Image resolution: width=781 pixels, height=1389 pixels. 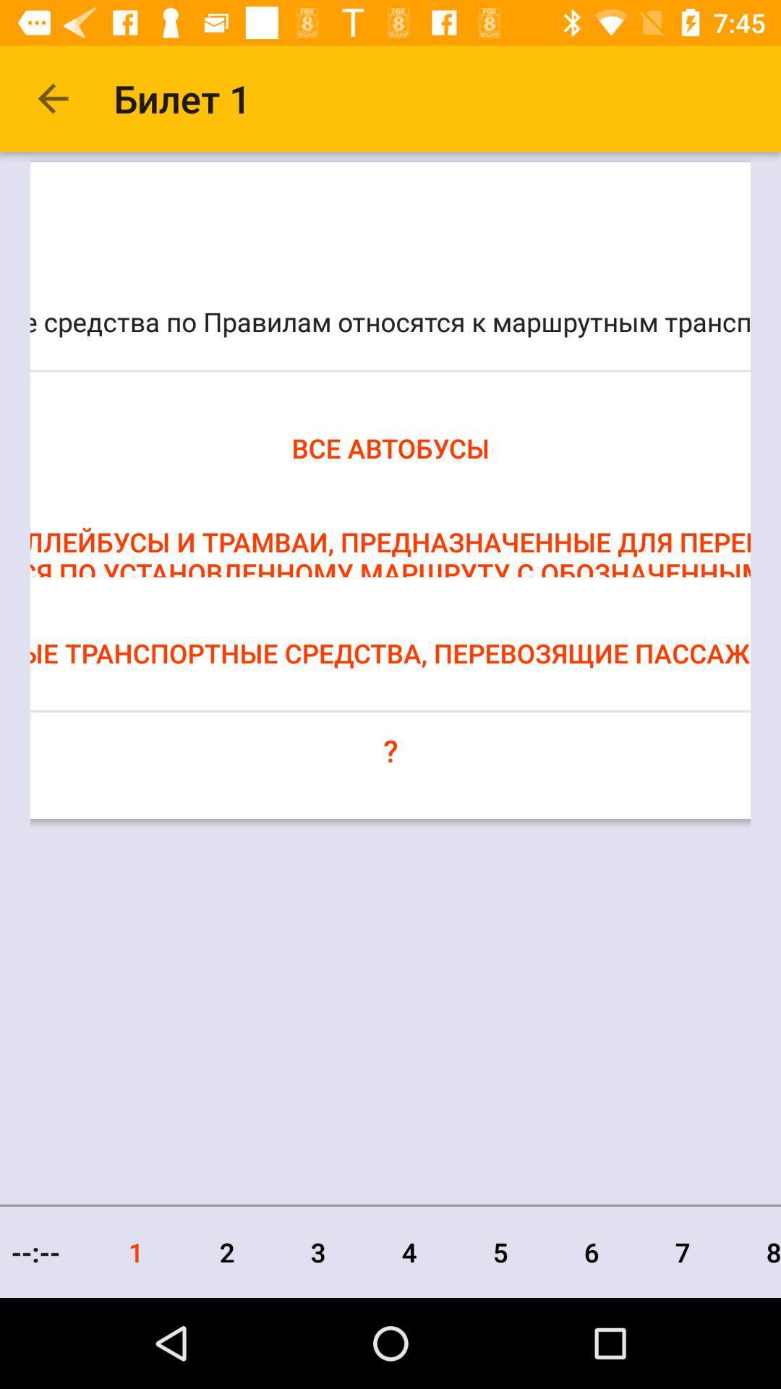 What do you see at coordinates (683, 1252) in the screenshot?
I see `the 7 item` at bounding box center [683, 1252].